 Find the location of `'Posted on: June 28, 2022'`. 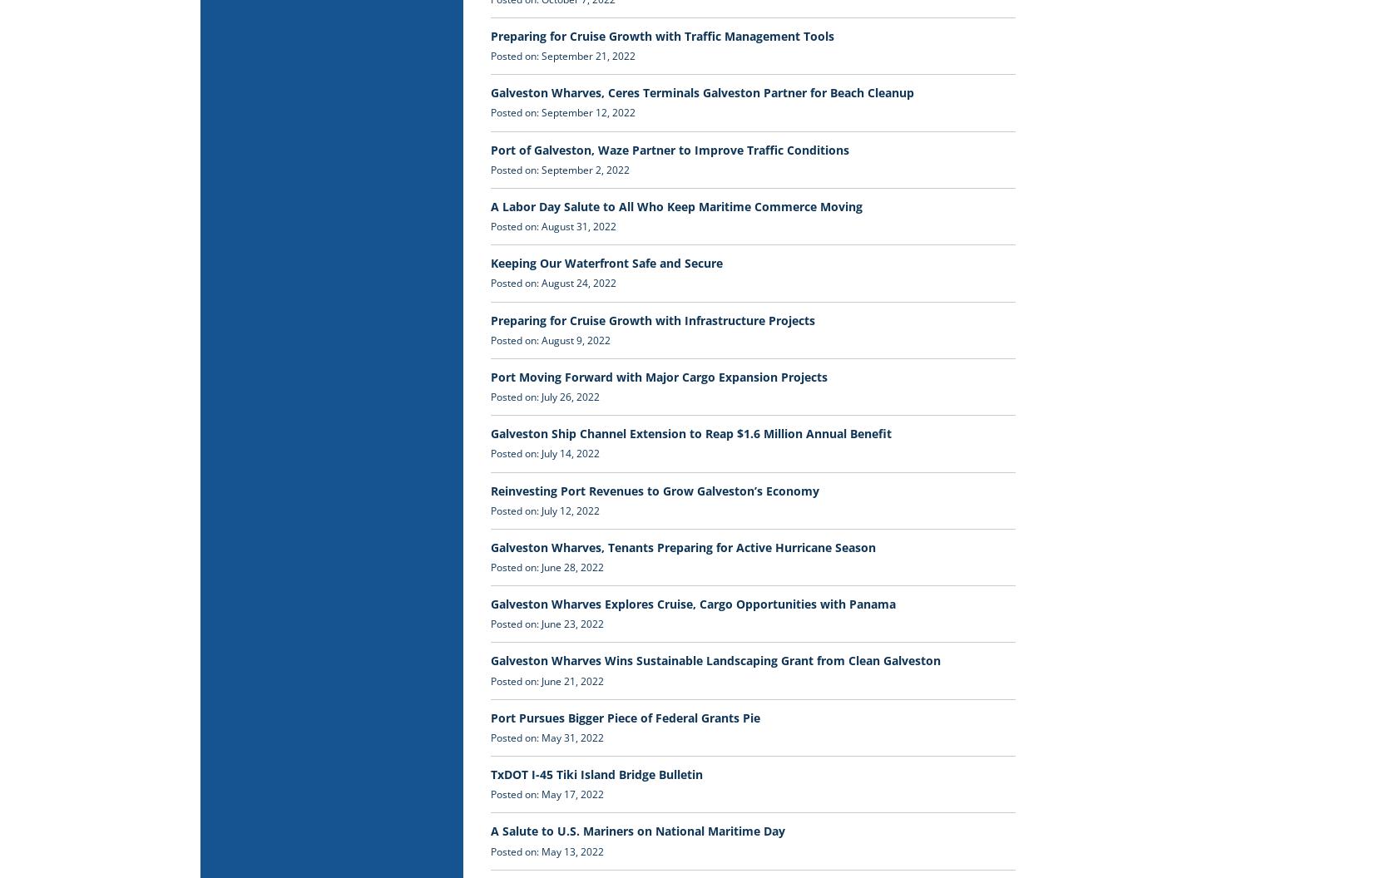

'Posted on: June 28, 2022' is located at coordinates (547, 566).